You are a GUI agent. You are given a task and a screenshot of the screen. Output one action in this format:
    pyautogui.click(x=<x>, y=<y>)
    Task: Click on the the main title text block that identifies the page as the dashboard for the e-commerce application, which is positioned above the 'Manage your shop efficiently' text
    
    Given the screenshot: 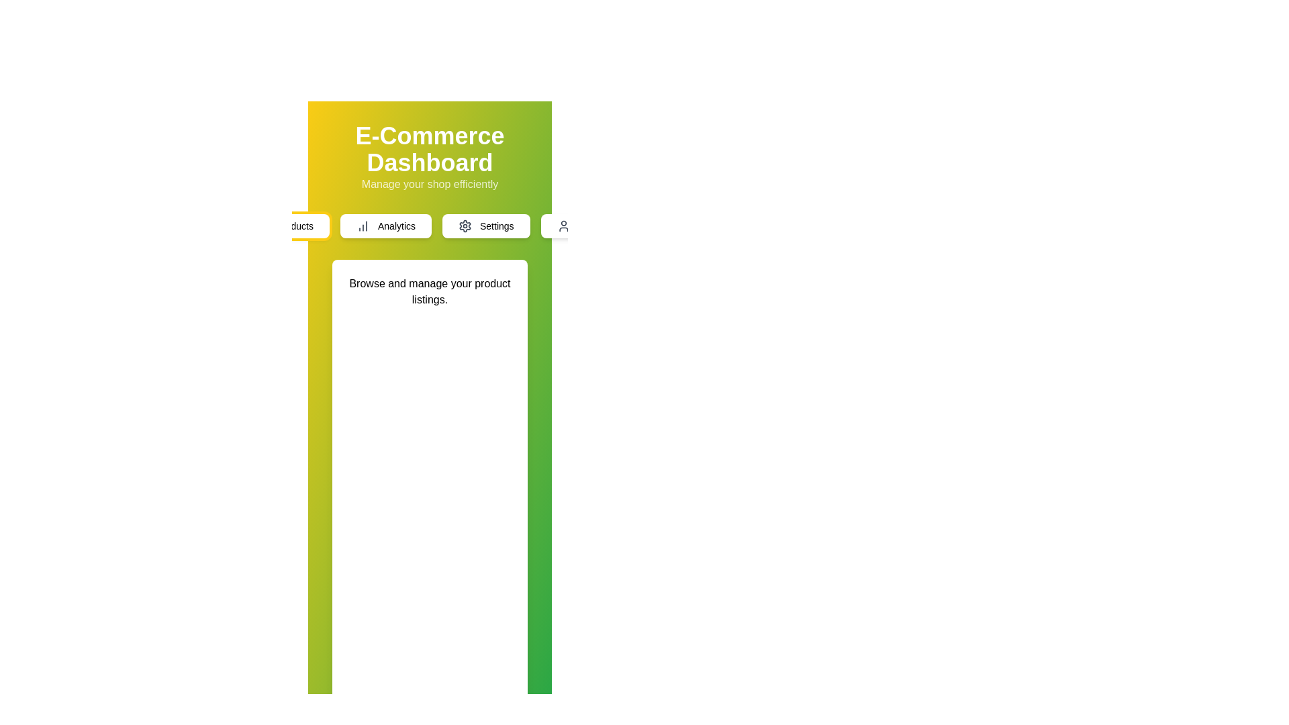 What is the action you would take?
    pyautogui.click(x=430, y=150)
    